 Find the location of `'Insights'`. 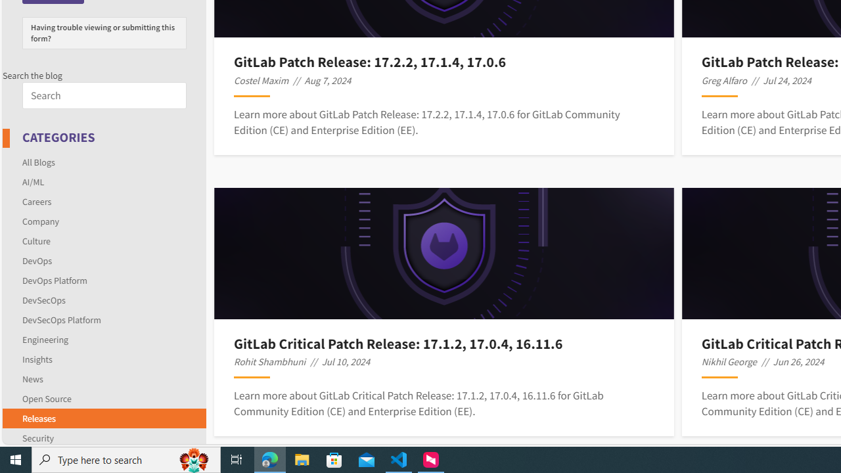

'Insights' is located at coordinates (37, 359).